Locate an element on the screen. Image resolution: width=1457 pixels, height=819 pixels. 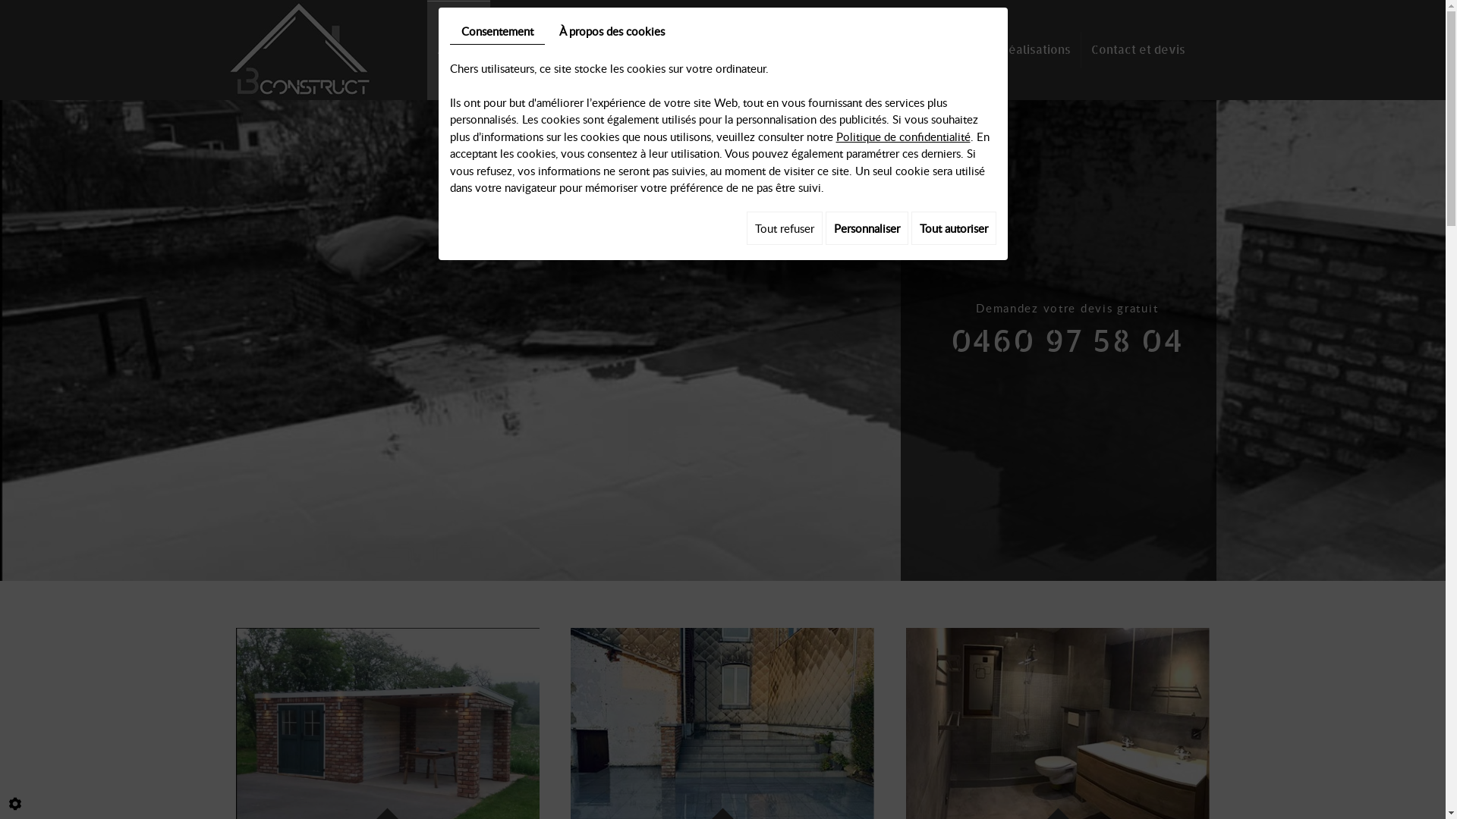
'Contact et devis' is located at coordinates (1137, 49).